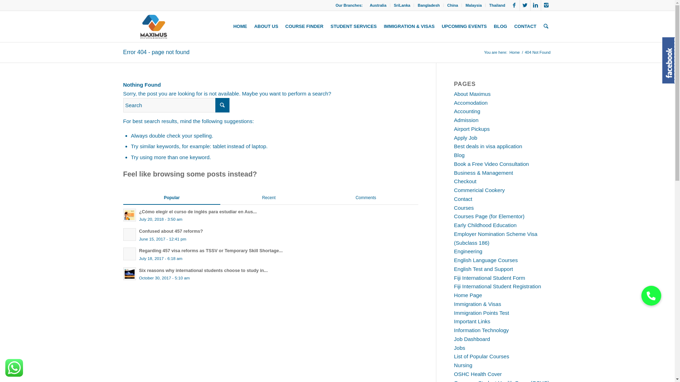  Describe the element at coordinates (454, 238) in the screenshot. I see `'Employer Nomination Scheme Visa (Subclass 186)'` at that location.